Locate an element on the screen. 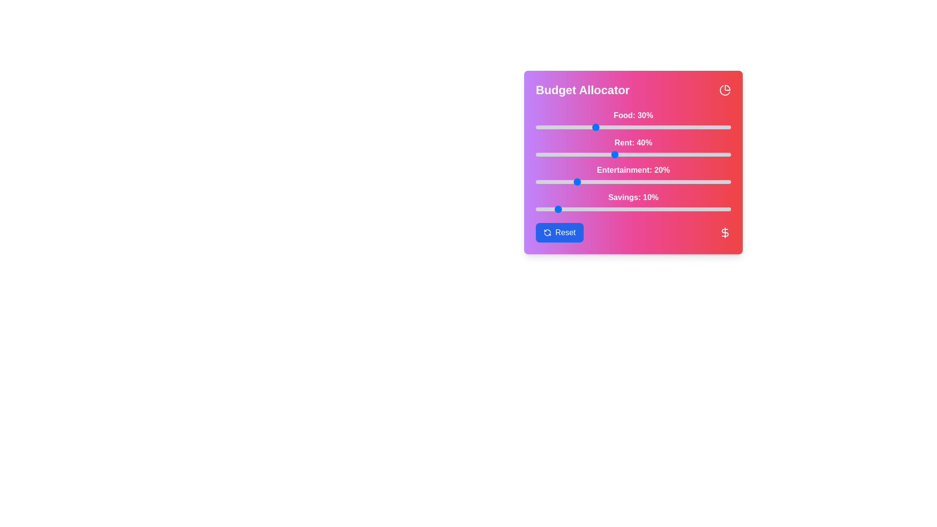 The height and width of the screenshot is (527, 937). the rent slider is located at coordinates (655, 154).